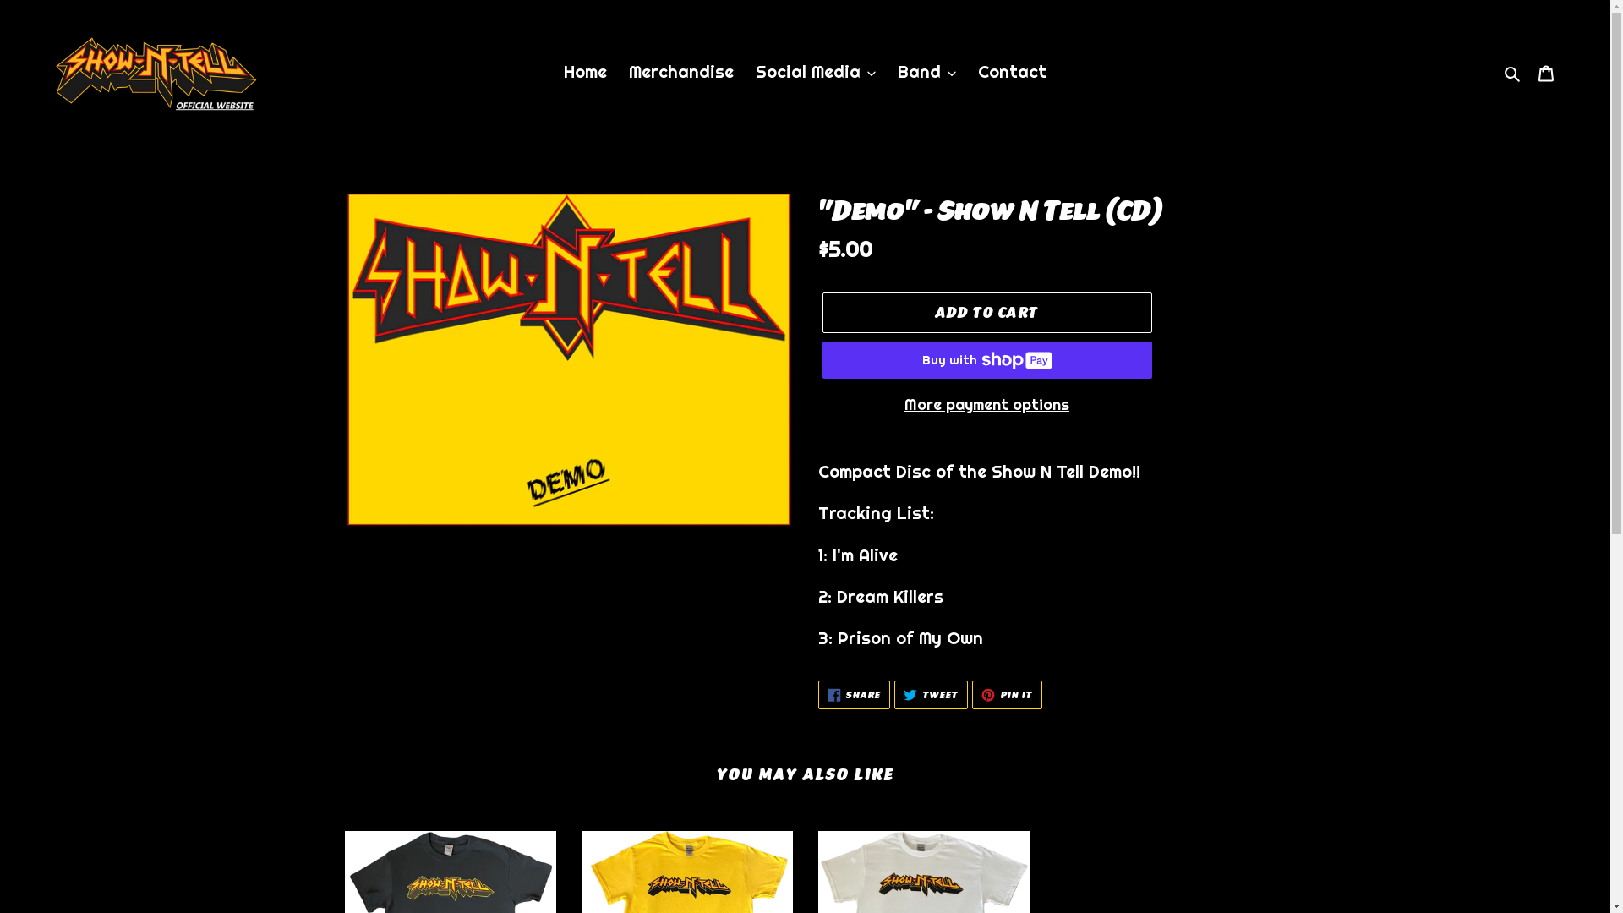 The image size is (1623, 913). Describe the element at coordinates (818, 694) in the screenshot. I see `'SHARE` at that location.